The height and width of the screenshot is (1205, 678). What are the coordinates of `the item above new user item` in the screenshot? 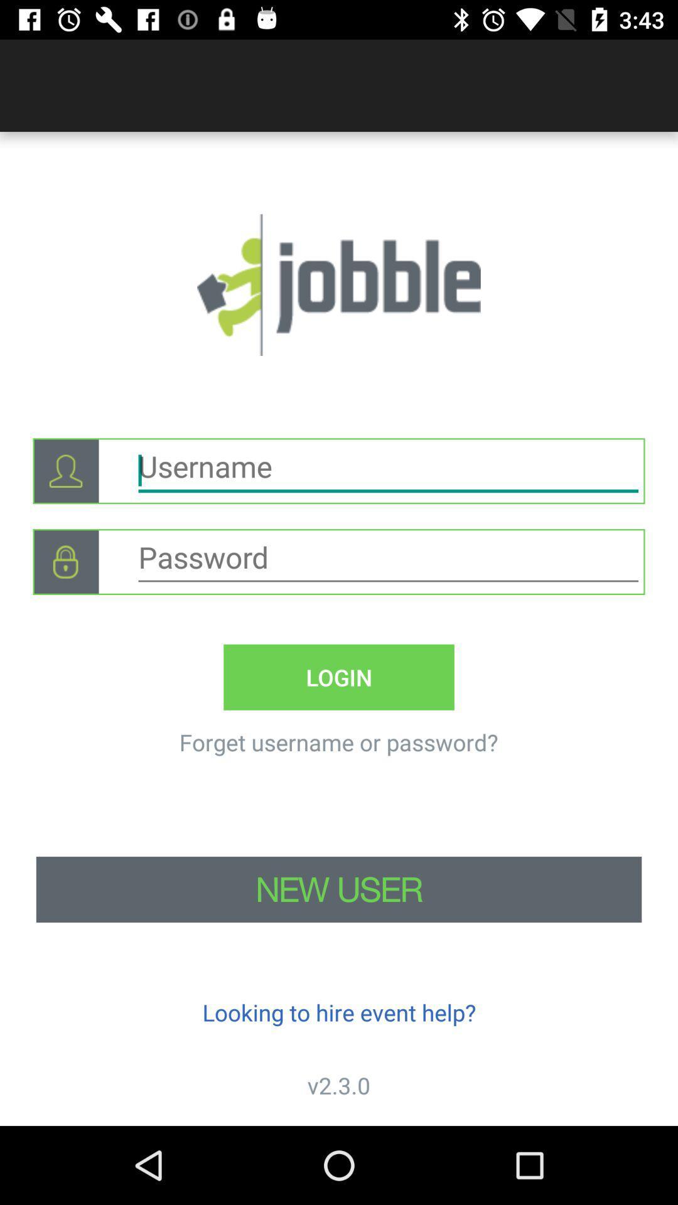 It's located at (65, 561).